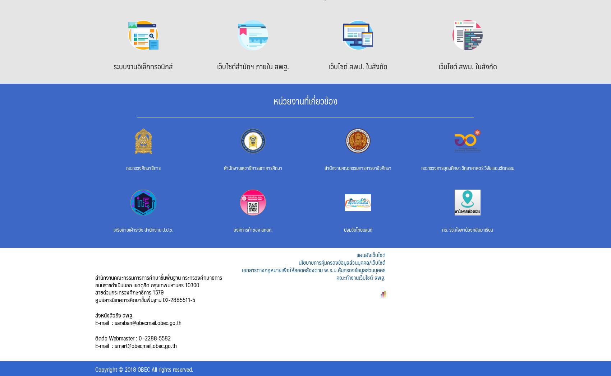  What do you see at coordinates (144, 369) in the screenshot?
I see `'Copyright © 2018 OBEC All rights reserved.'` at bounding box center [144, 369].